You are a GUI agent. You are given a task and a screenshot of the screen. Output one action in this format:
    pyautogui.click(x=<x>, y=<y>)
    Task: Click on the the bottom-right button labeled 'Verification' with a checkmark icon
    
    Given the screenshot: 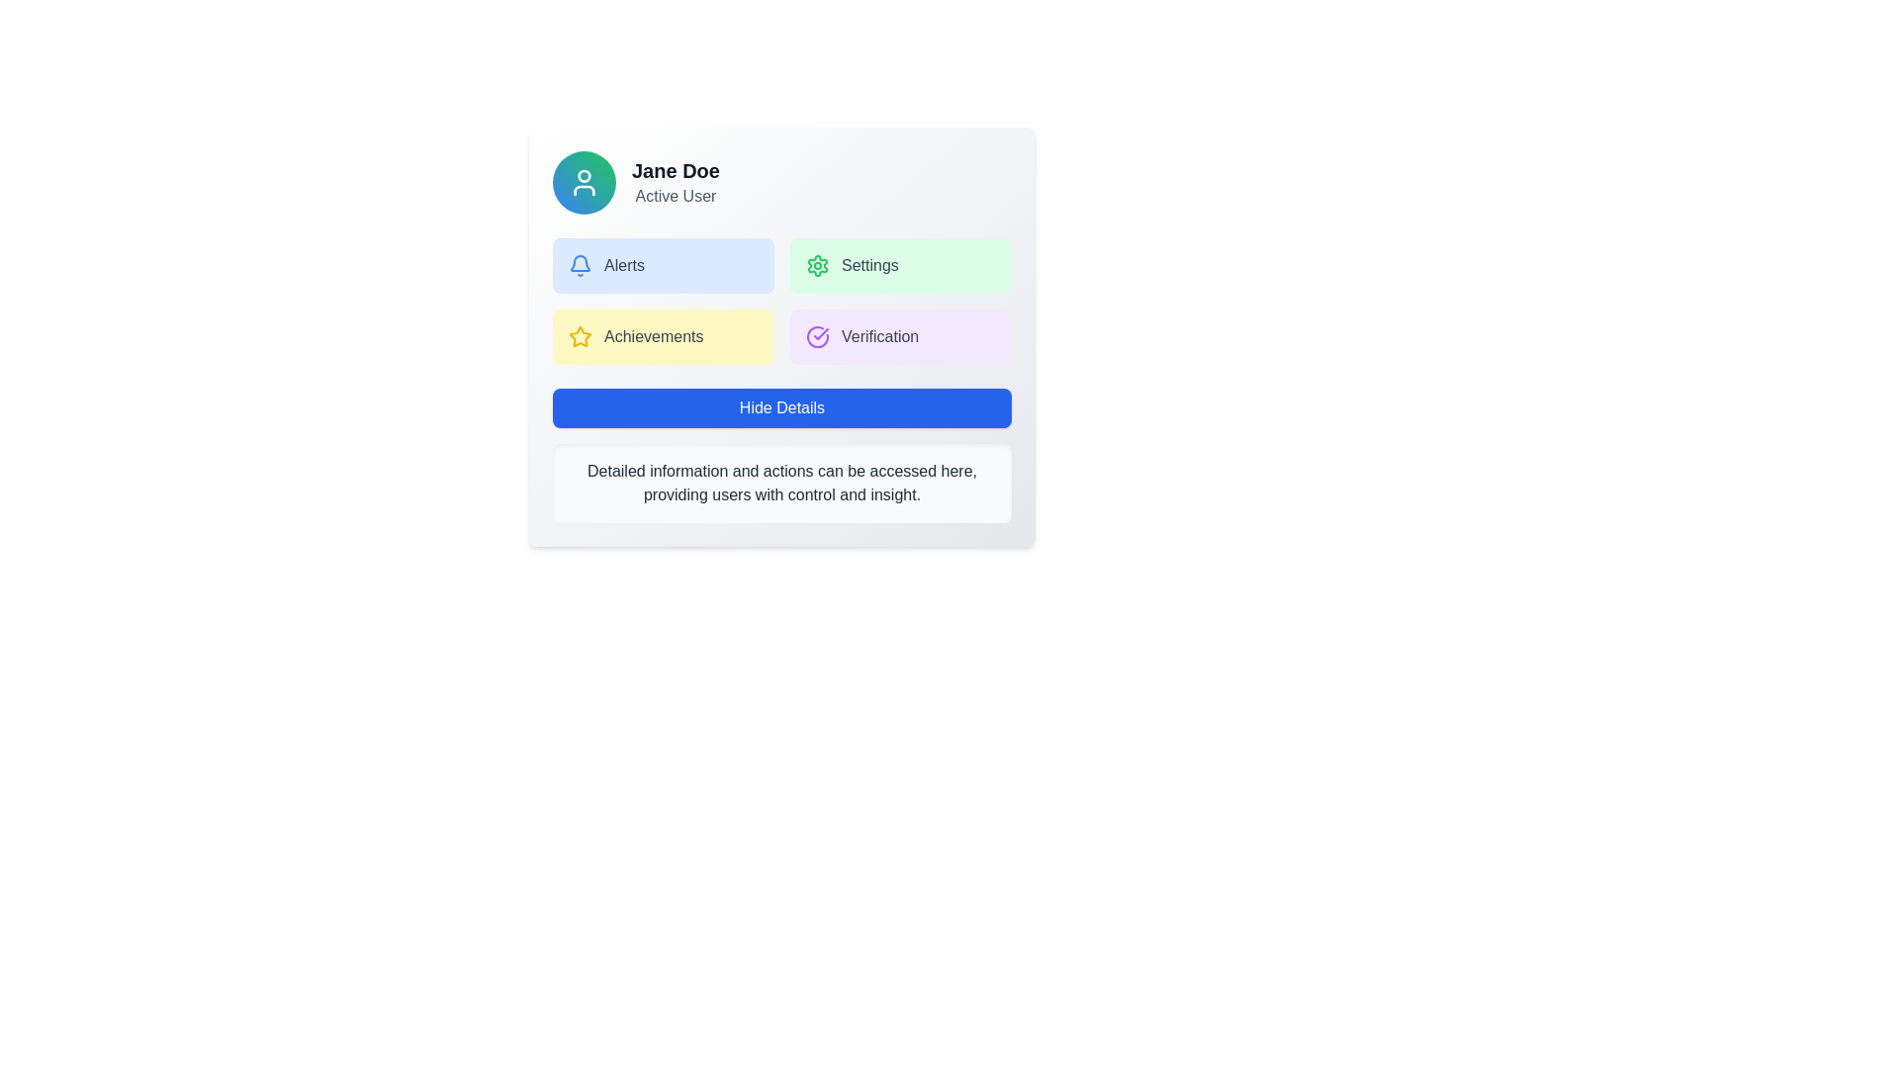 What is the action you would take?
    pyautogui.click(x=900, y=335)
    